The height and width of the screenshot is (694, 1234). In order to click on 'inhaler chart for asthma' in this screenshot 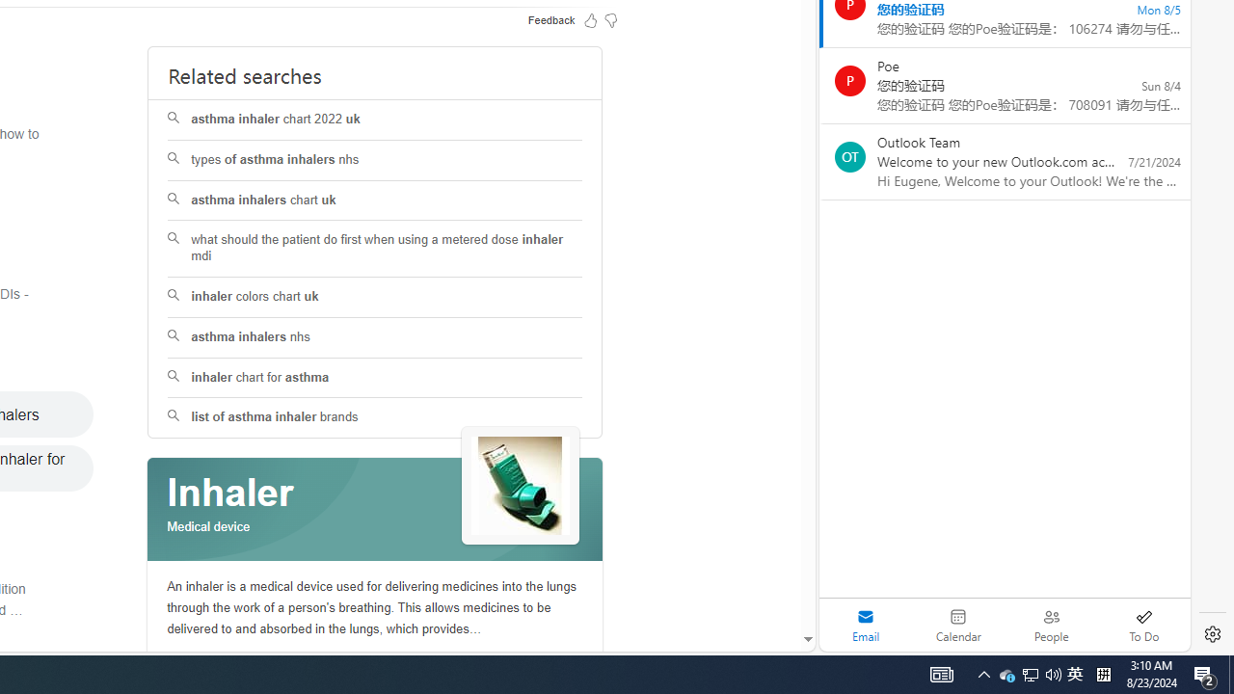, I will do `click(375, 378)`.